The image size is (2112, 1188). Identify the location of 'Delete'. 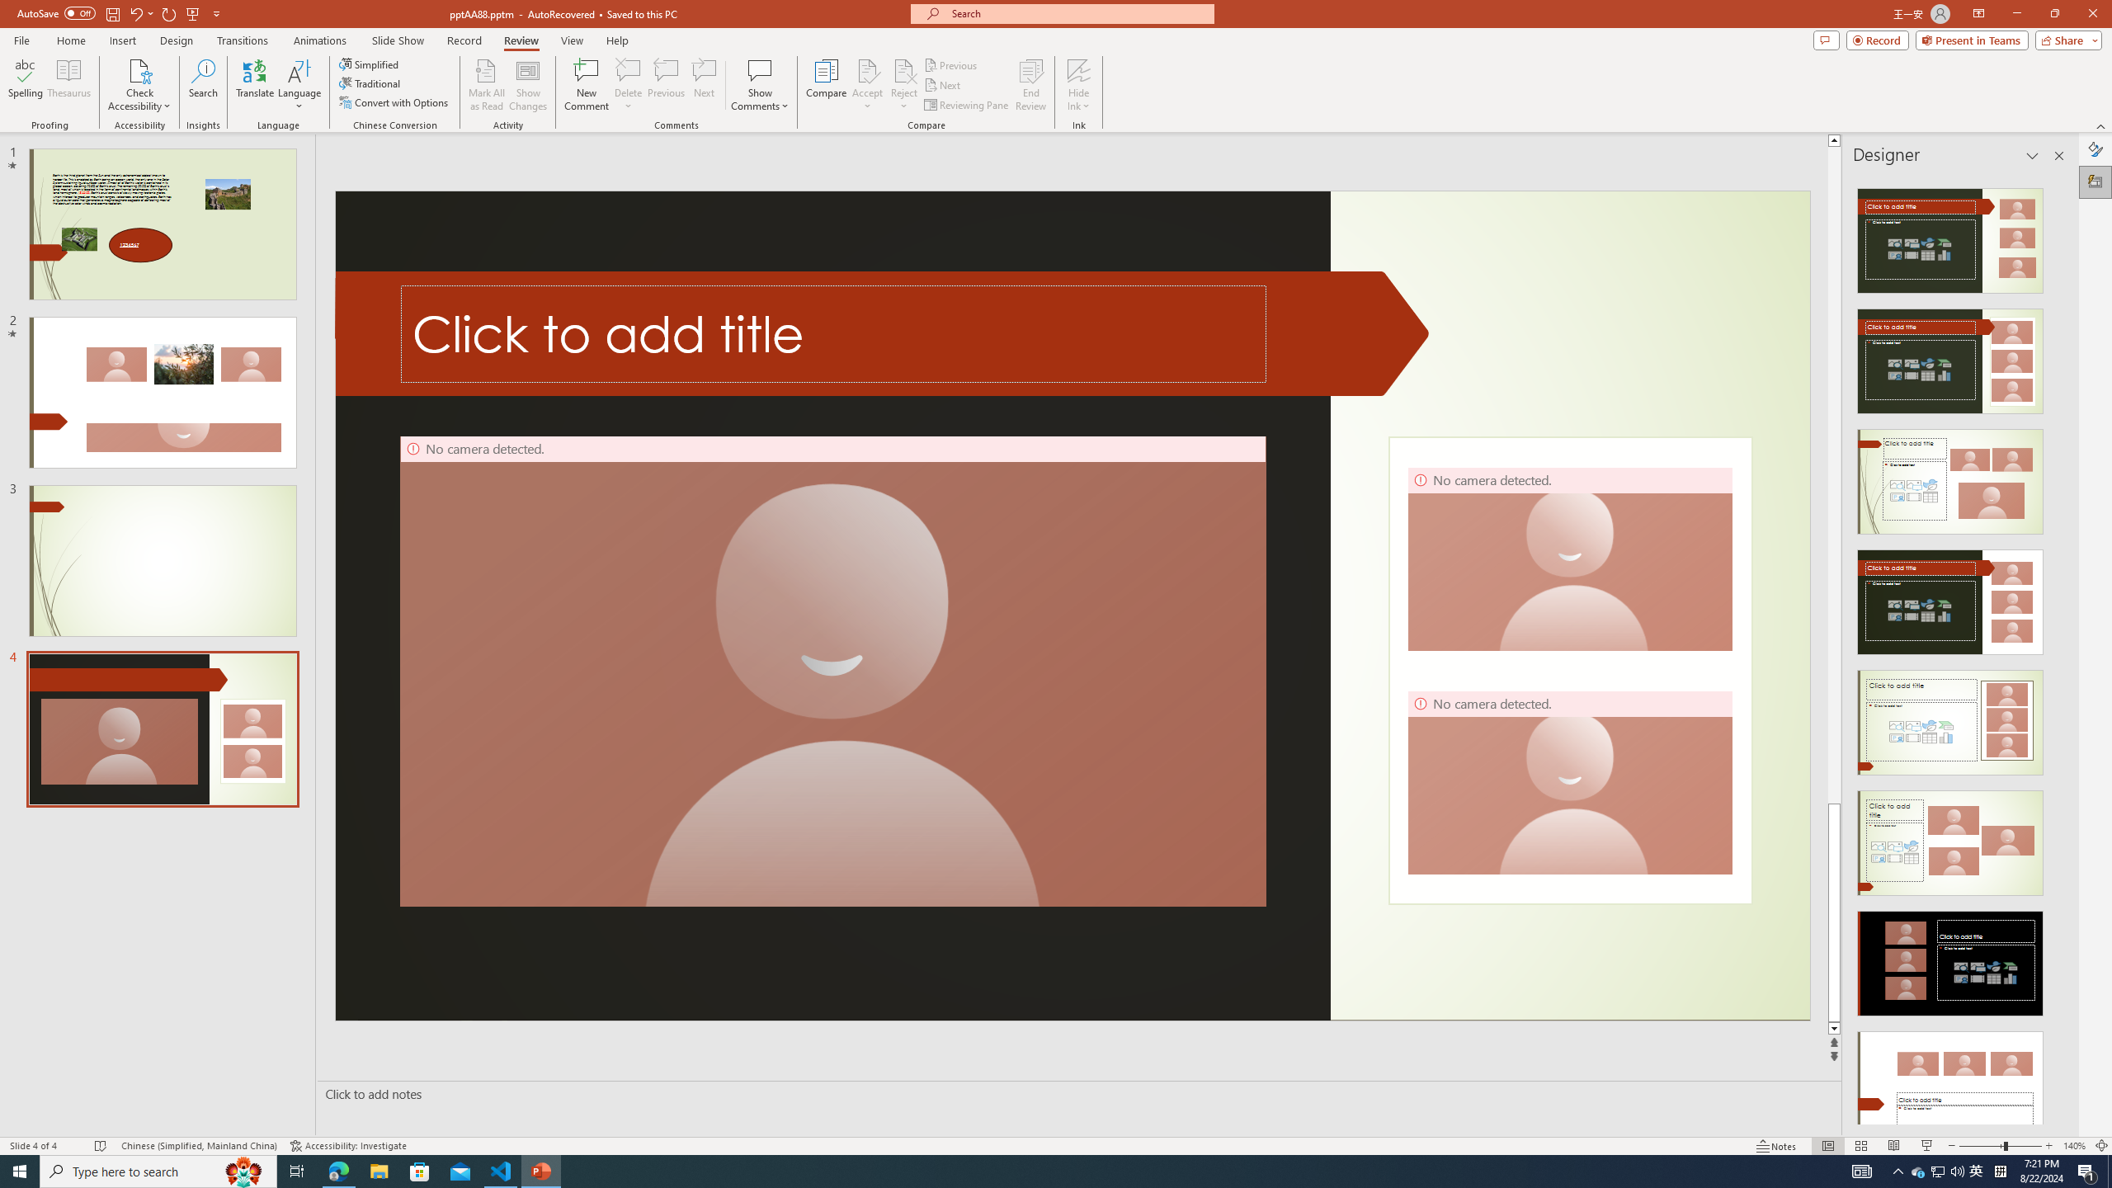
(628, 69).